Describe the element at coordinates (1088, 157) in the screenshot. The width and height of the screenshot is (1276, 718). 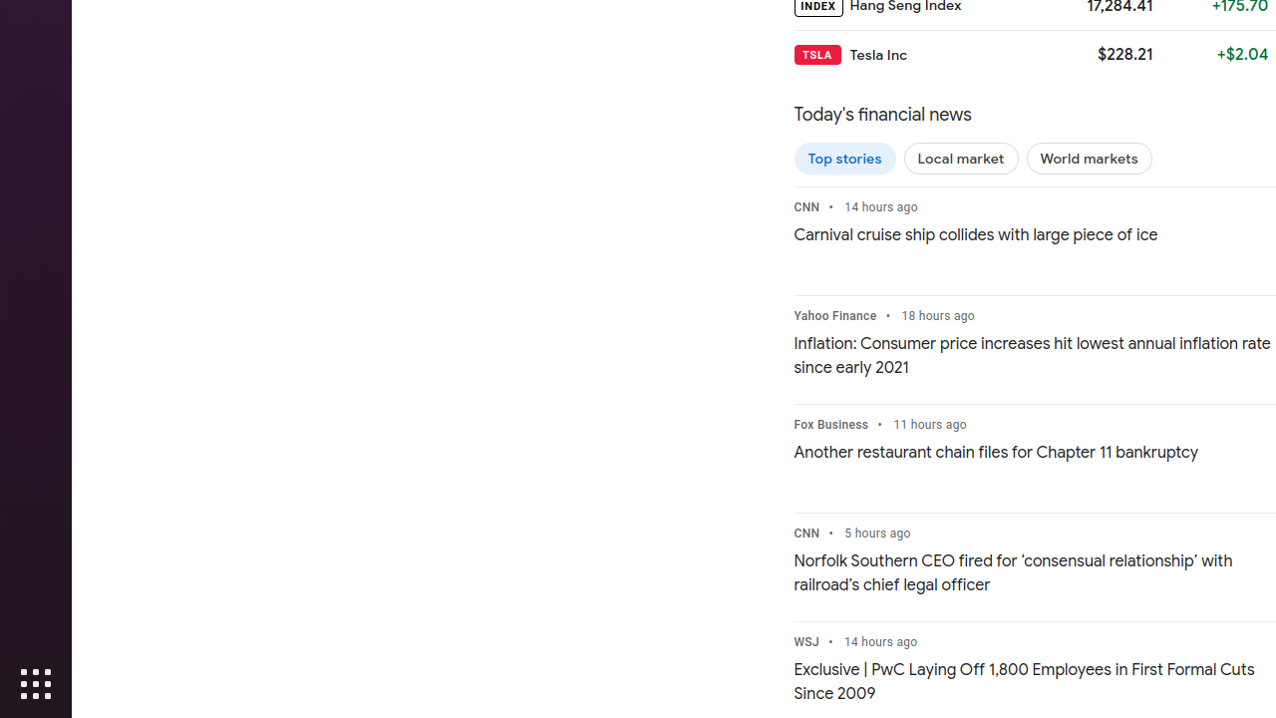
I see `'World markets'` at that location.